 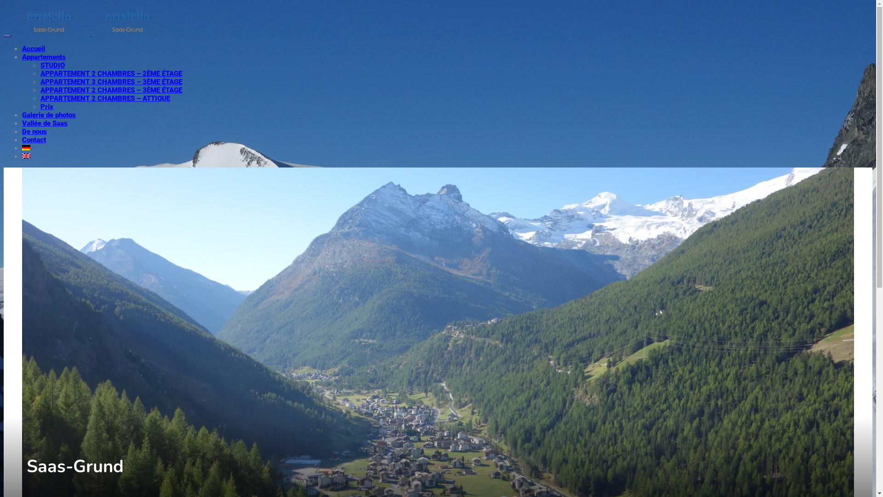 I want to click on 'Appartements', so click(x=43, y=57).